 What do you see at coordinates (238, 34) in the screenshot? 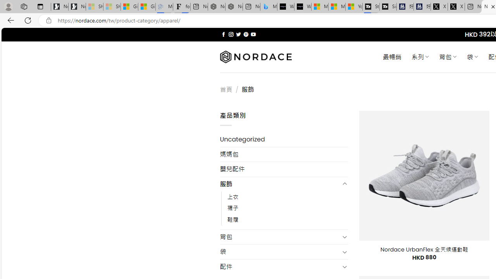
I see `'Follow on Twitter'` at bounding box center [238, 34].